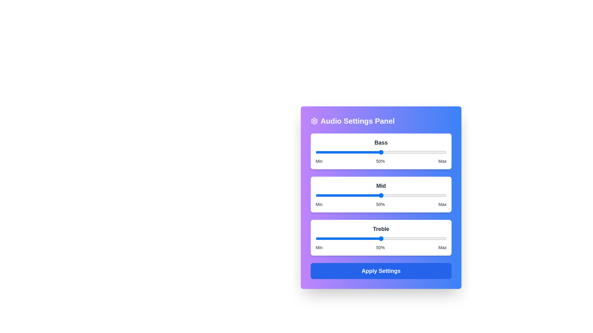  What do you see at coordinates (406, 152) in the screenshot?
I see `the bass level` at bounding box center [406, 152].